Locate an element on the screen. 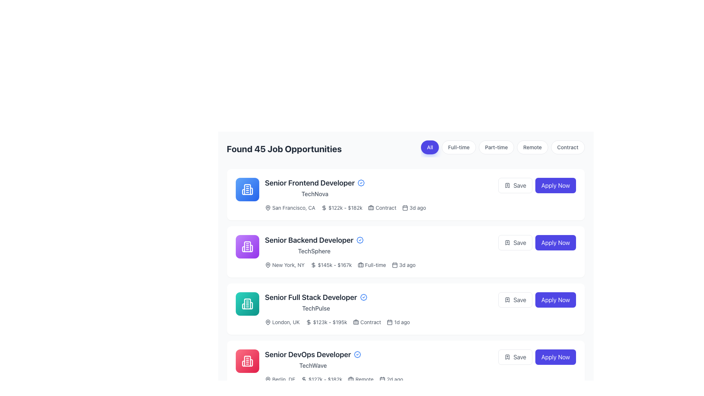 This screenshot has width=704, height=396. the bookmark SVG icon located to the left of the 'Save' button associated with the first job listing is located at coordinates (507, 185).